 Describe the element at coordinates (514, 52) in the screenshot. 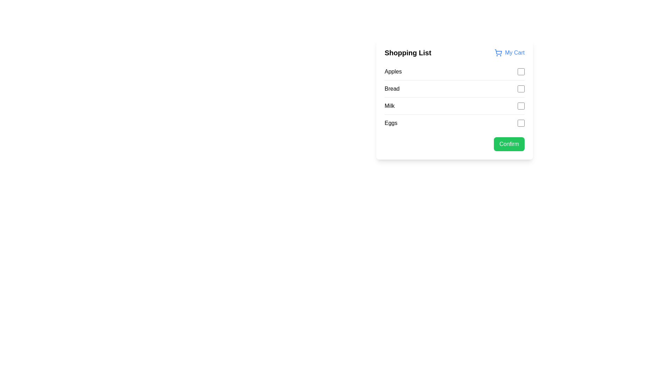

I see `the 'My Cart' text label located at the top-right corner of the card` at that location.